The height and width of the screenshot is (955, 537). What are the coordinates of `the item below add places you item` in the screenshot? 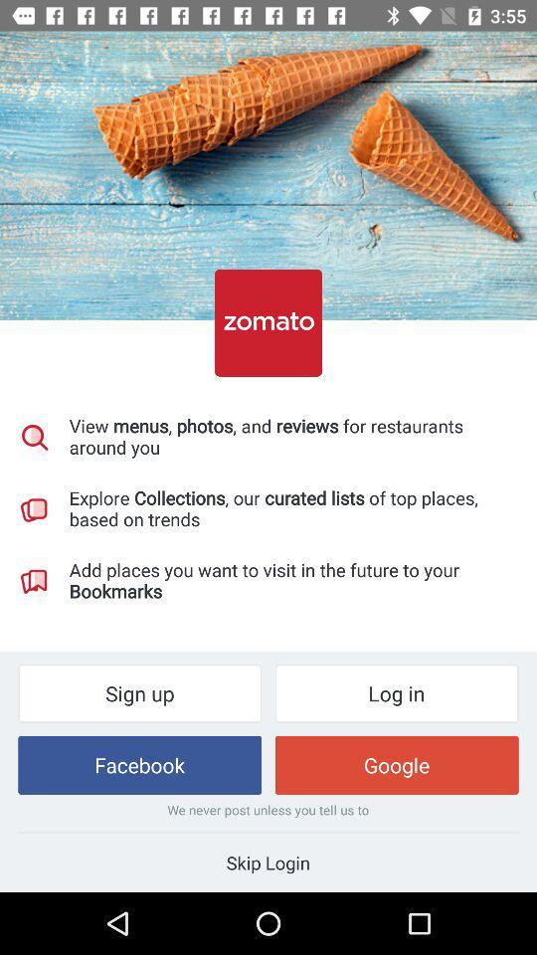 It's located at (138, 693).